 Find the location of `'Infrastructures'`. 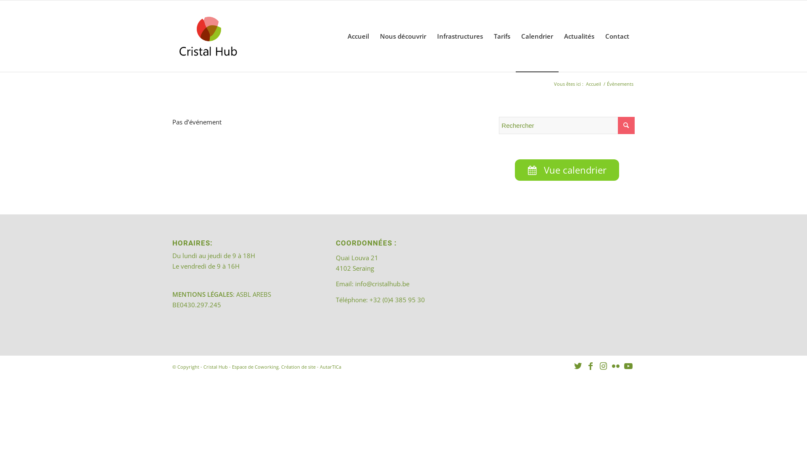

'Infrastructures' is located at coordinates (459, 35).